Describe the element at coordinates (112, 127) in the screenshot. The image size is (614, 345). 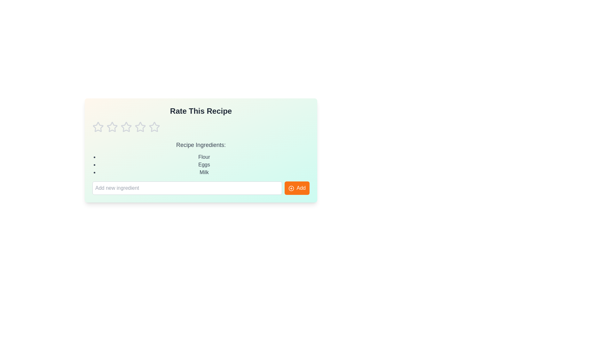
I see `the star corresponding to 2 stars to preview the rating` at that location.